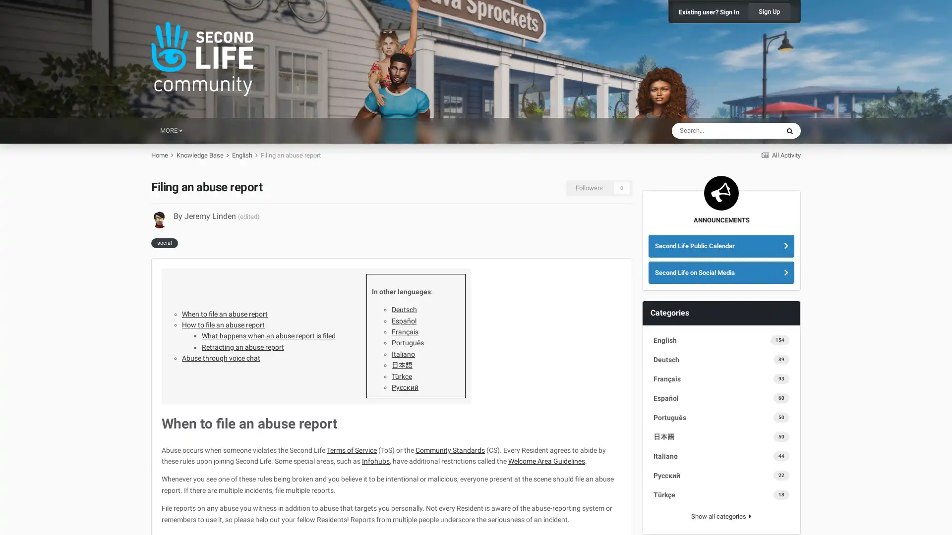  I want to click on Search, so click(789, 130).